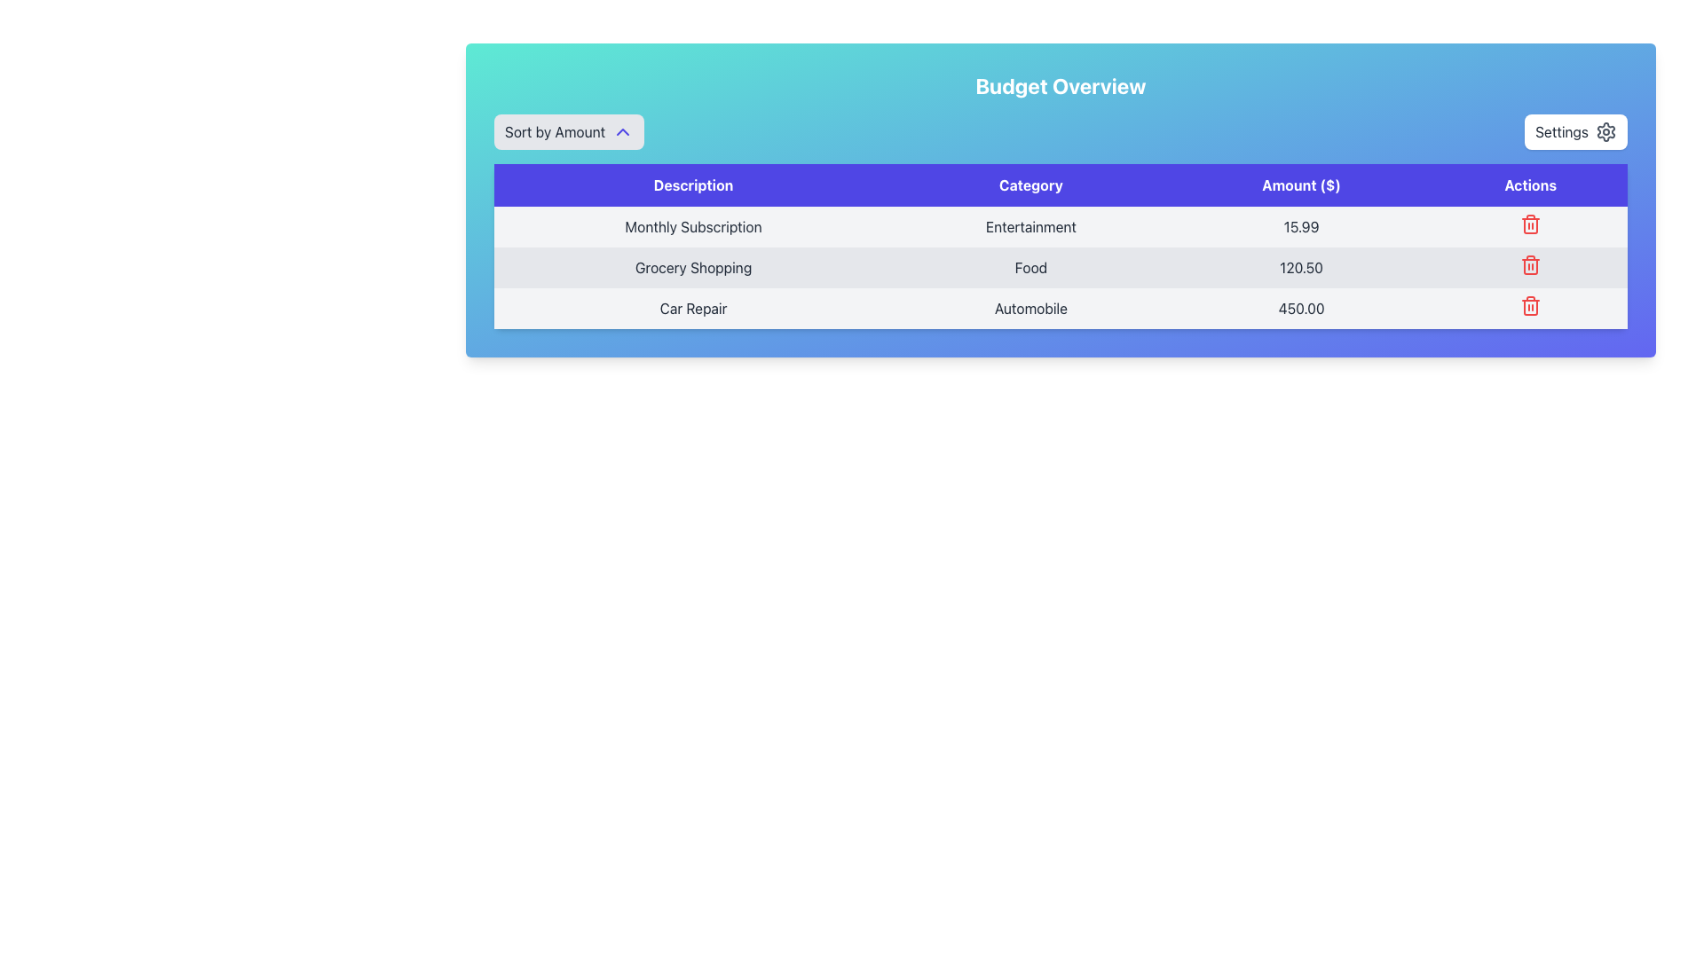  What do you see at coordinates (1030, 267) in the screenshot?
I see `the text label displaying the category type 'Food' for the associated item 'Grocery Shopping' in the second cell of the 'Category' column in the 'Budget Overview' table` at bounding box center [1030, 267].